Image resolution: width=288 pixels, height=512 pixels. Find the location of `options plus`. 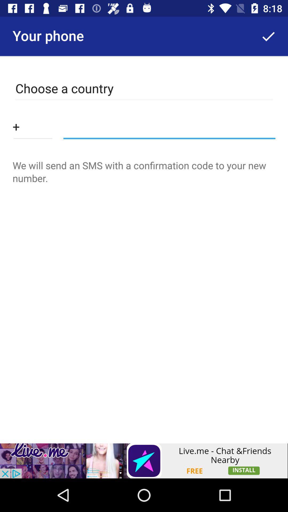

options plus is located at coordinates (33, 126).